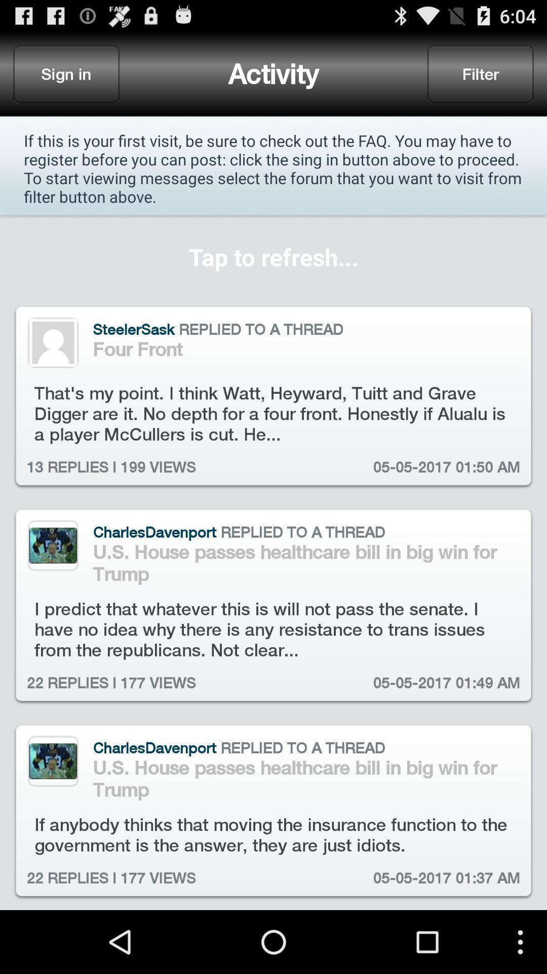 The width and height of the screenshot is (547, 974). I want to click on profile, so click(53, 545).